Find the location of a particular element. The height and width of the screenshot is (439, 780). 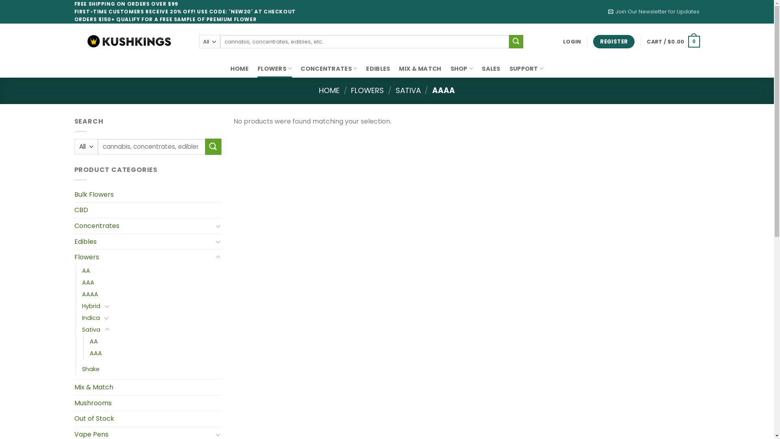

'AA' is located at coordinates (93, 341).